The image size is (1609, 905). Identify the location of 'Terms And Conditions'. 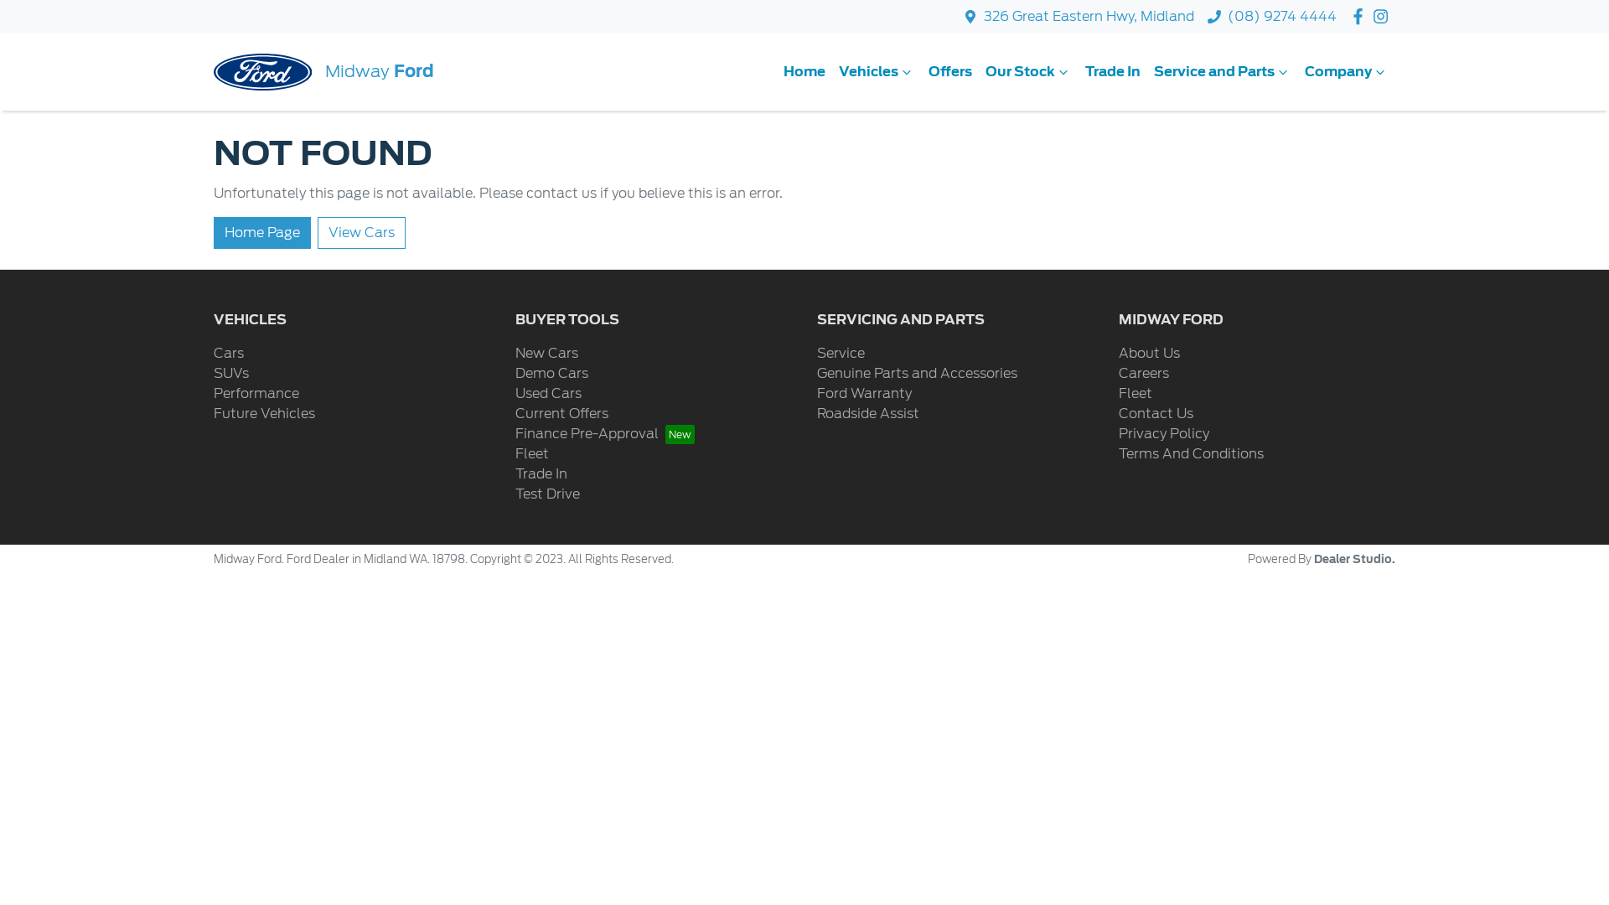
(1190, 453).